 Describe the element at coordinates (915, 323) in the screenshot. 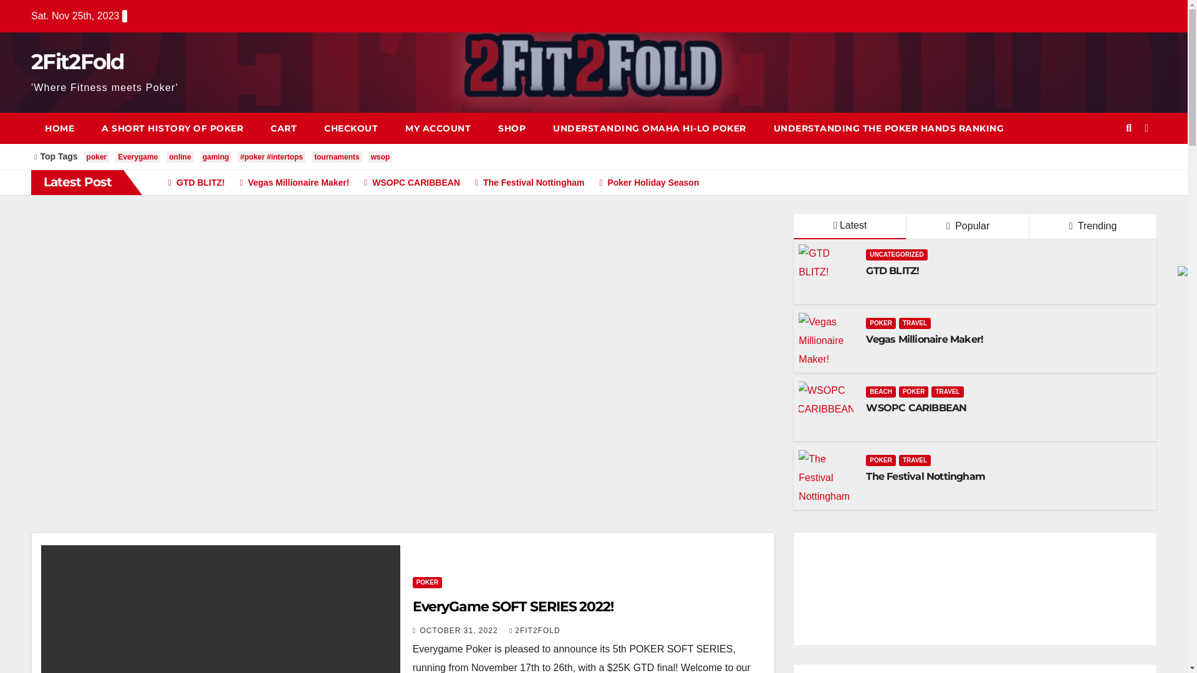

I see `'TRAVEL'` at that location.